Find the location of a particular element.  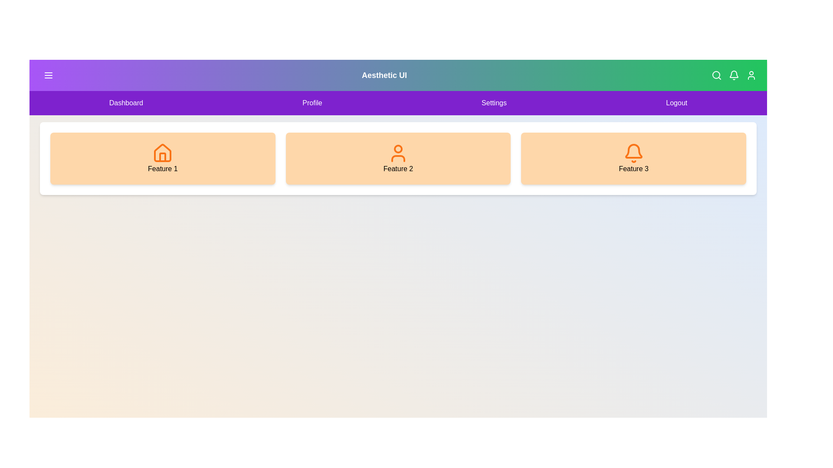

the navigation link to navigate to the Logout section is located at coordinates (676, 103).